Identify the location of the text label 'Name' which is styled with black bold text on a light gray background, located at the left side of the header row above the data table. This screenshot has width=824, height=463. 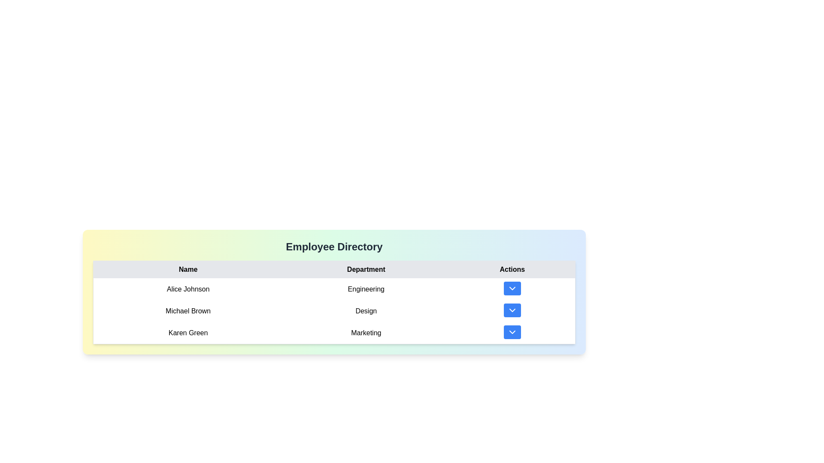
(188, 269).